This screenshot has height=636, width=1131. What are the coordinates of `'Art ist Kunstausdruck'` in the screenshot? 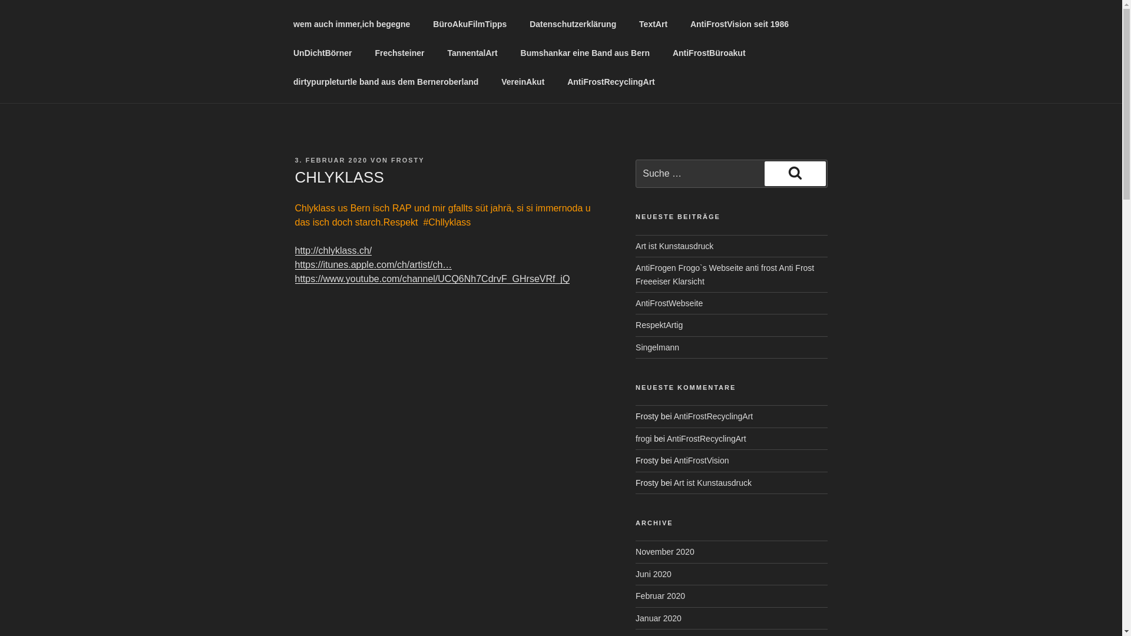 It's located at (673, 483).